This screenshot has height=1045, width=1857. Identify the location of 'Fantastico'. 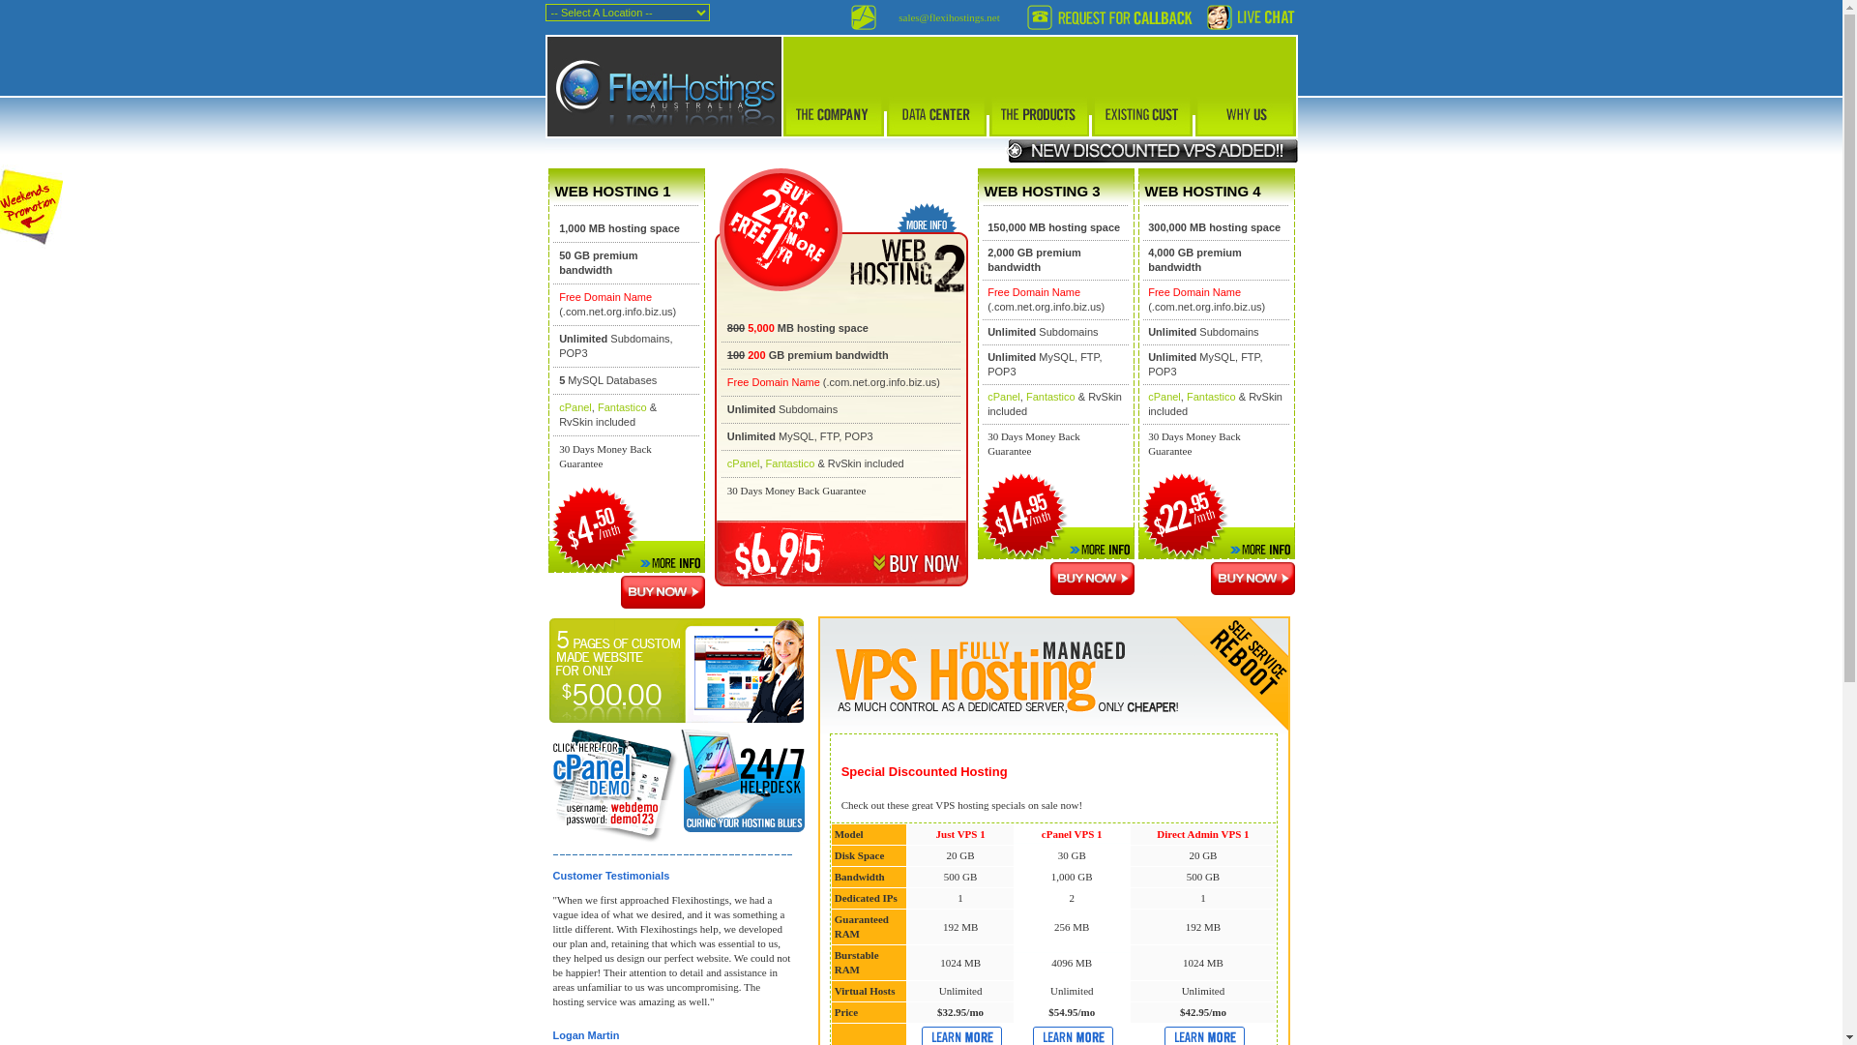
(790, 463).